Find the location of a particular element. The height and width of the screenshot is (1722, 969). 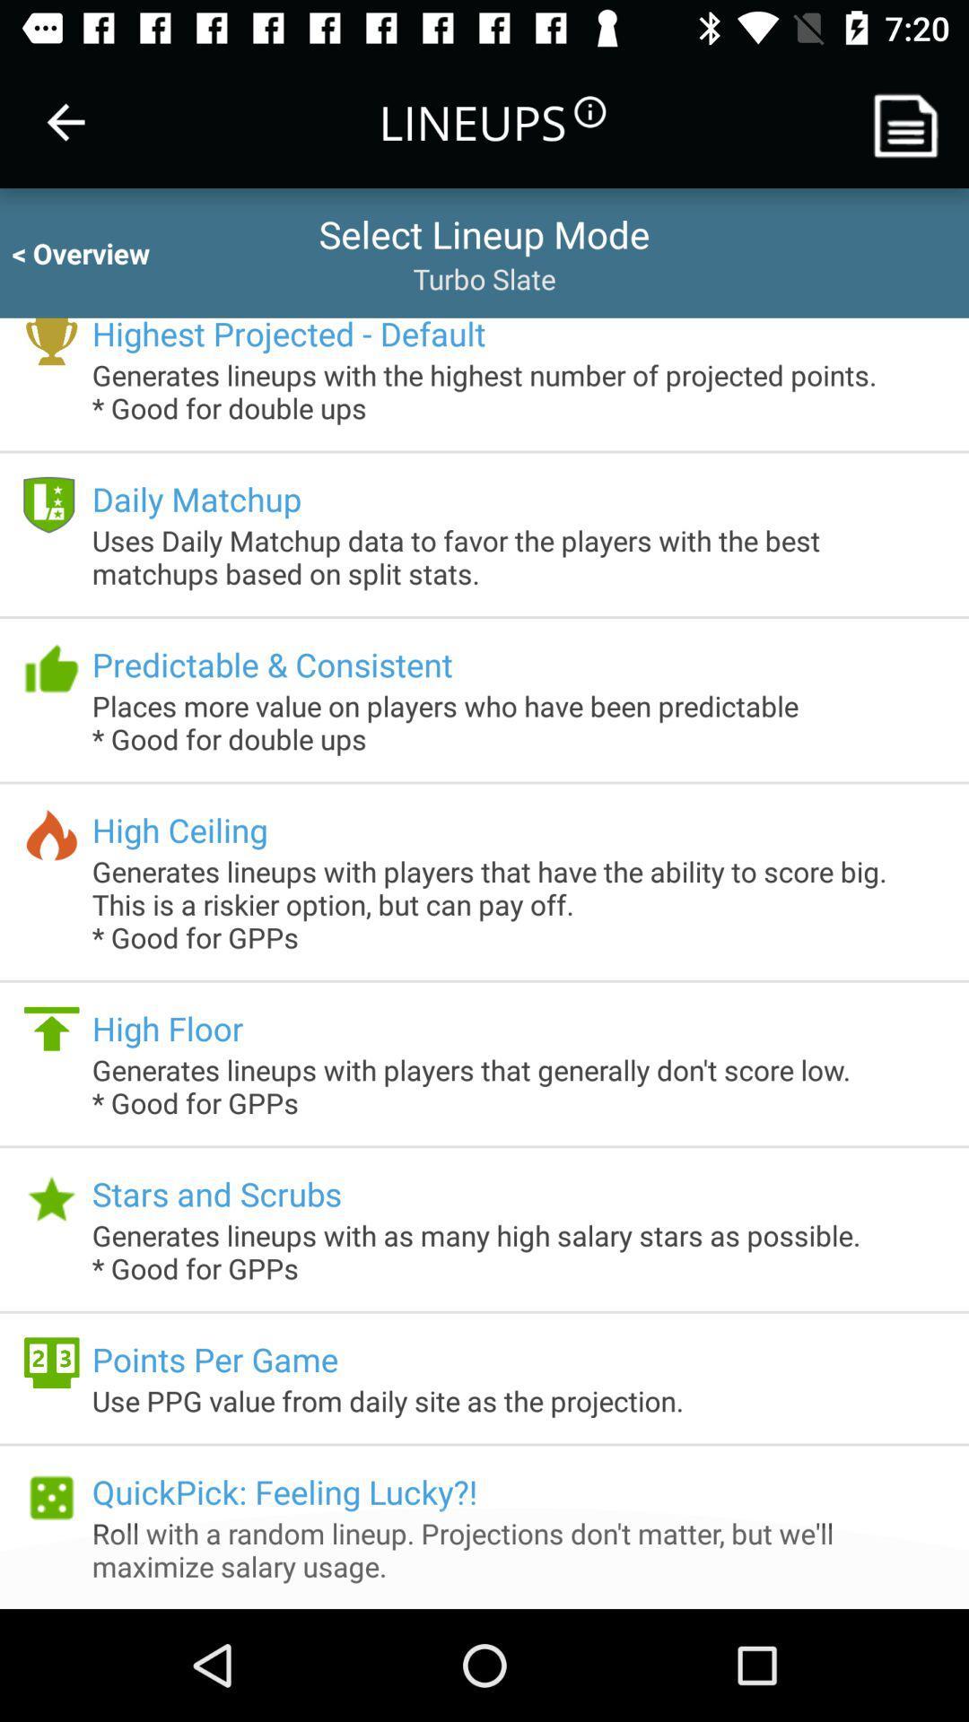

sorting is located at coordinates (912, 121).